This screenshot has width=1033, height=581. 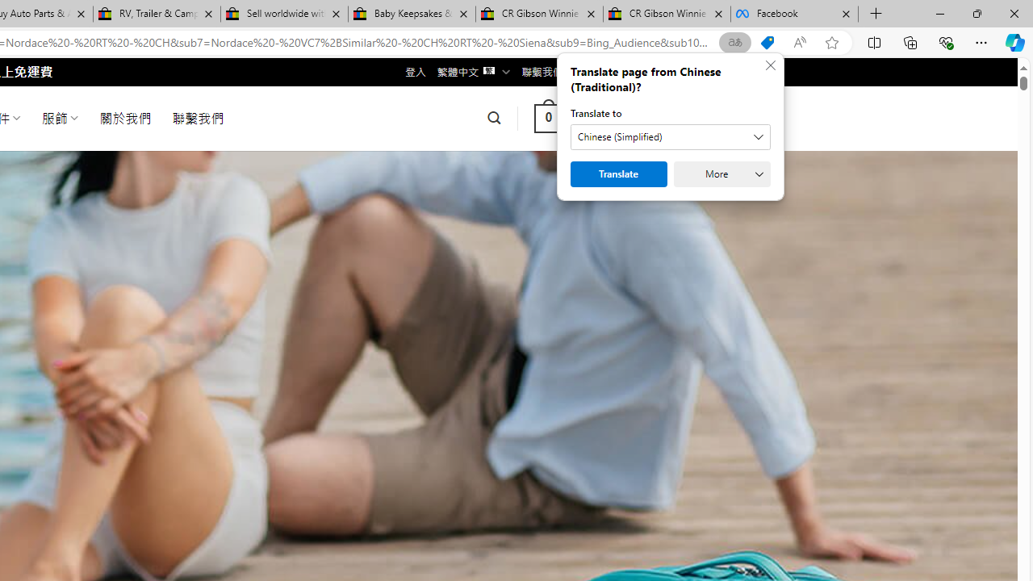 I want to click on '  0  ', so click(x=548, y=117).